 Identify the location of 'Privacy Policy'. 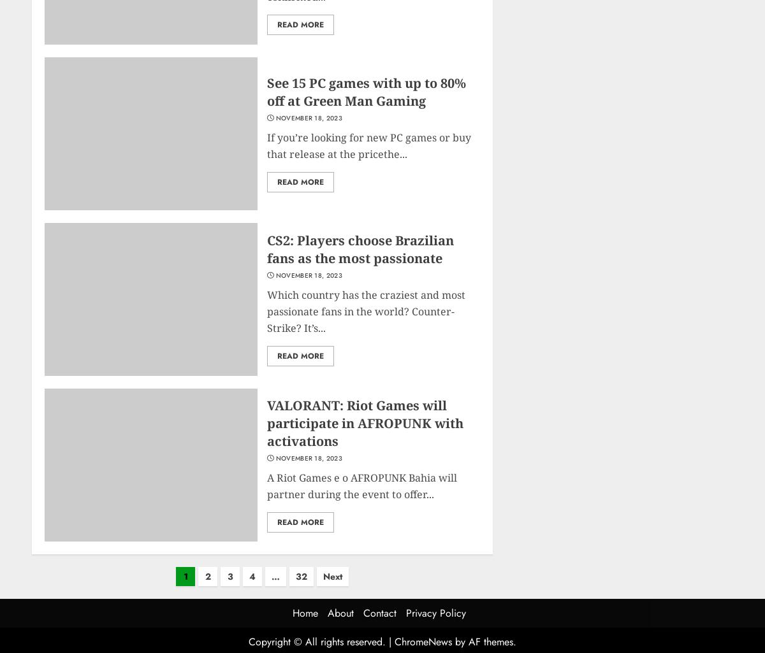
(435, 612).